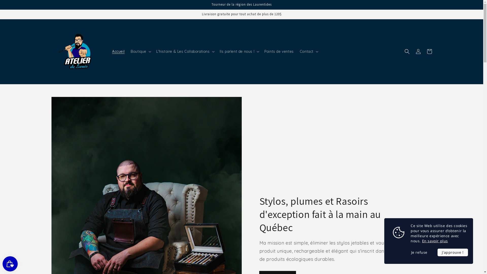 The image size is (487, 274). What do you see at coordinates (10, 264) in the screenshot?
I see `'Smile.io Rewards Program Launcher'` at bounding box center [10, 264].